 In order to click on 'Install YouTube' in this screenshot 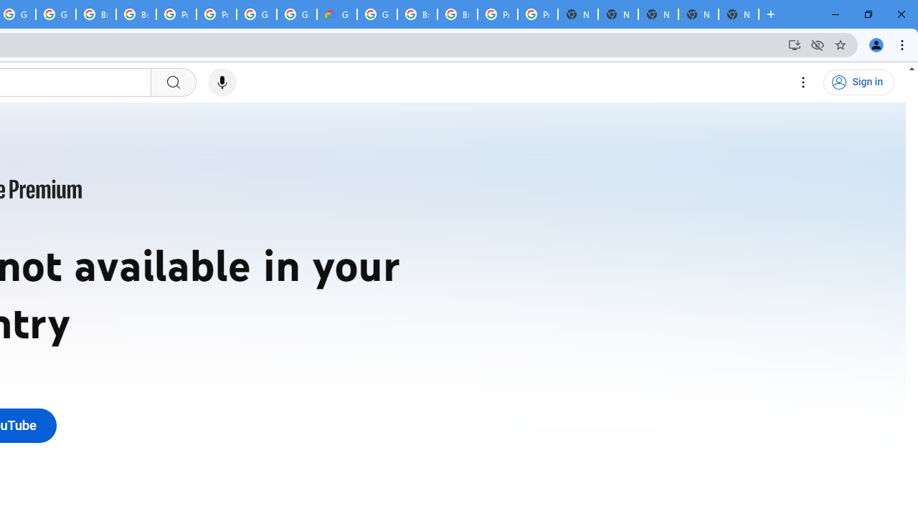, I will do `click(793, 44)`.